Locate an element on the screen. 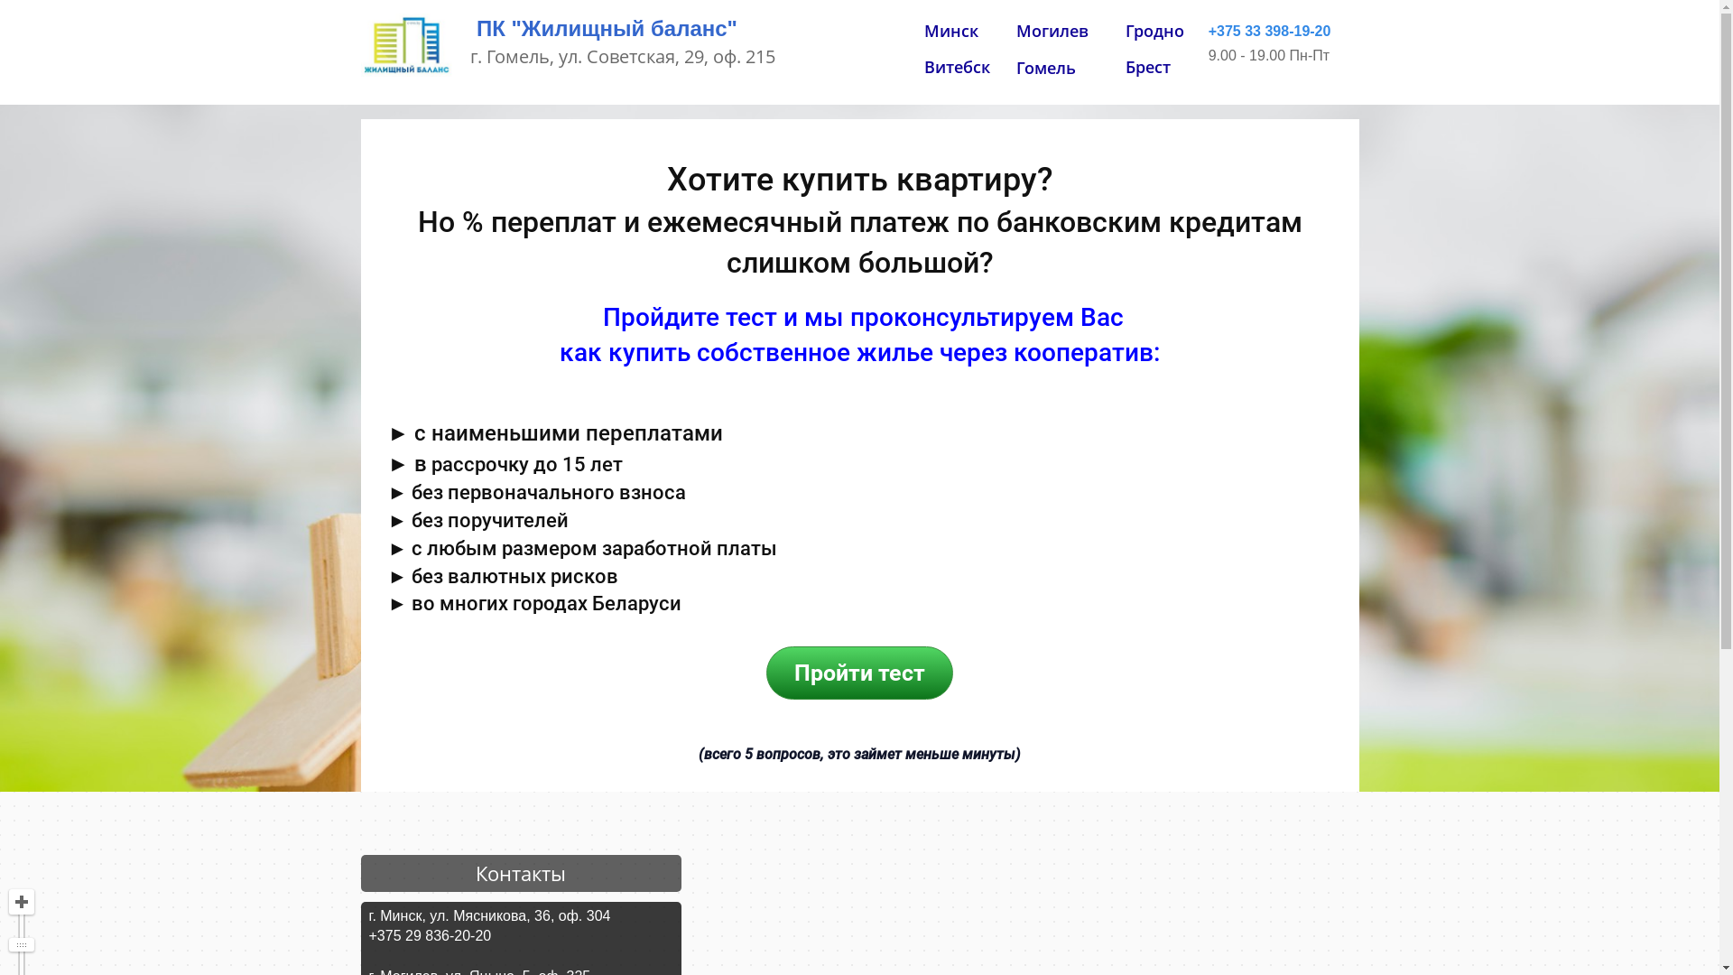 The image size is (1733, 975). '+375 33 398-19-20' is located at coordinates (1268, 32).